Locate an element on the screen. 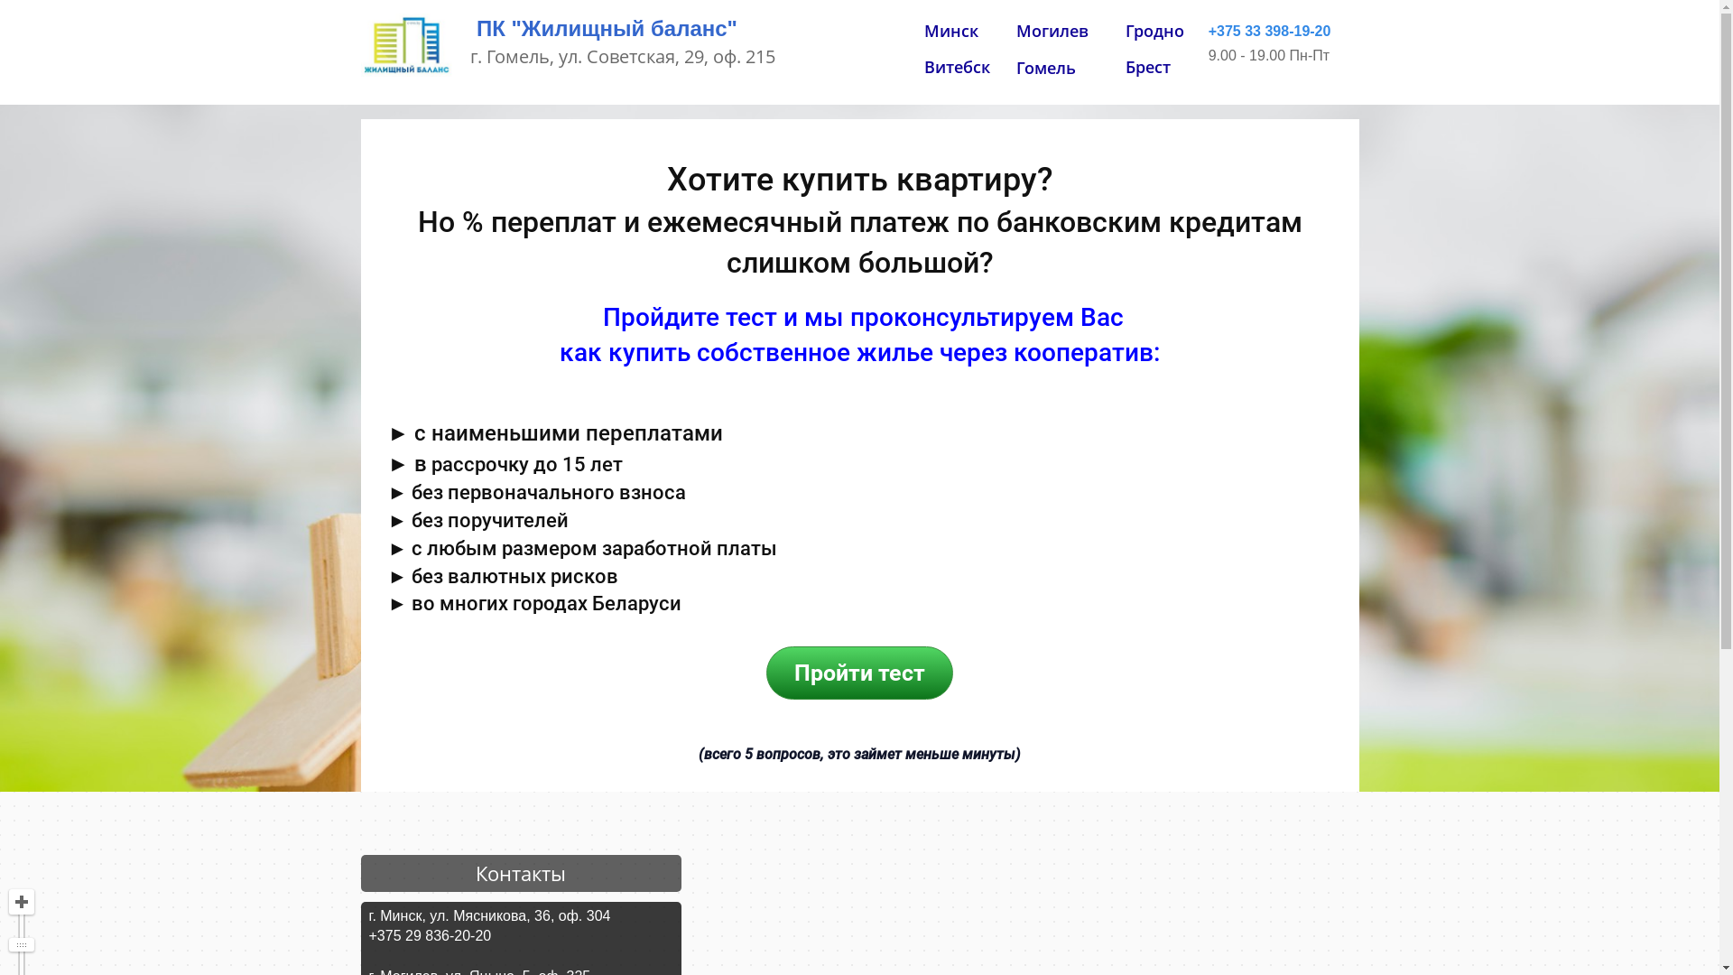 The image size is (1733, 975). '+375 33 398-19-20' is located at coordinates (1268, 32).